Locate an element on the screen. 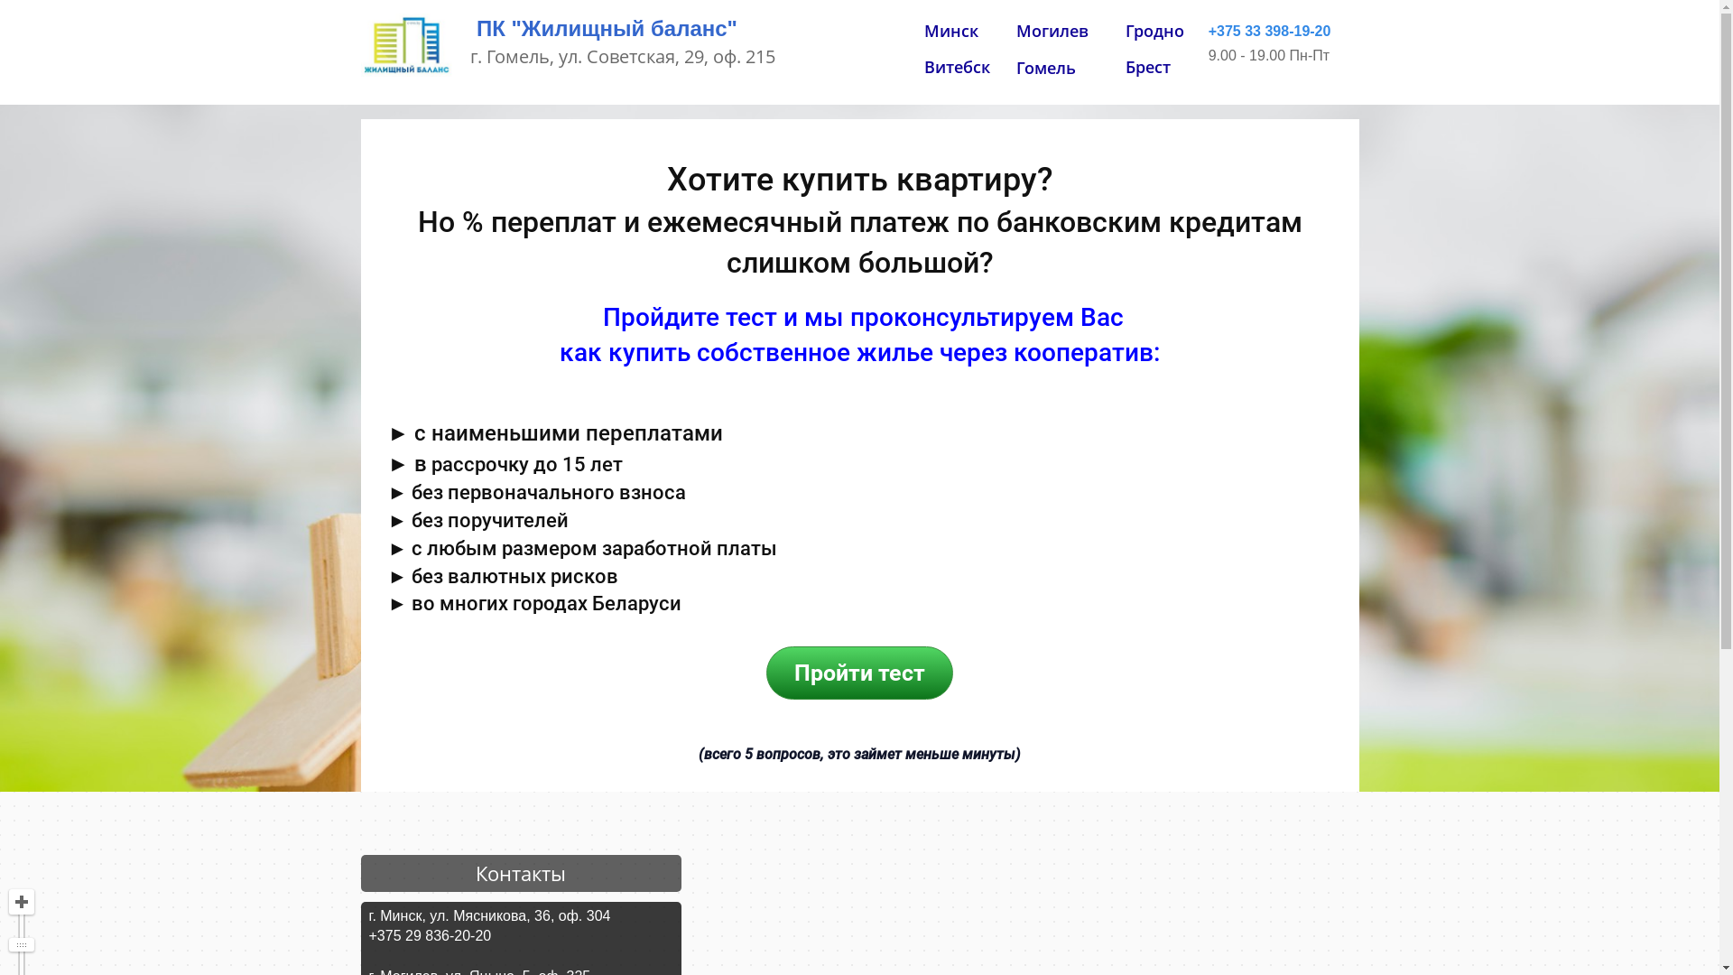 The image size is (1733, 975). '+375 33 398-19-20' is located at coordinates (1268, 32).